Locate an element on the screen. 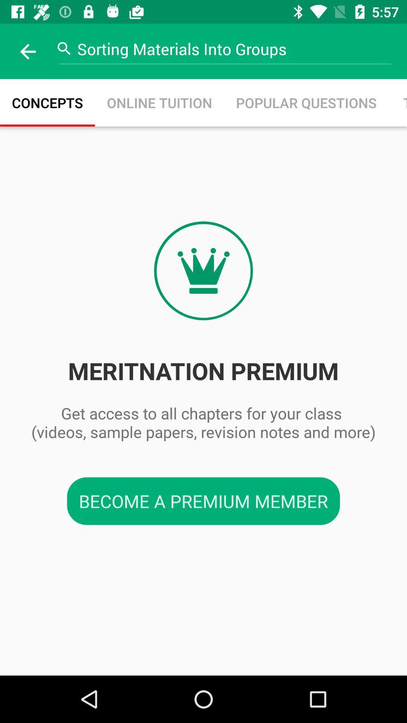 The image size is (407, 723). item to the left of sorting materials into item is located at coordinates (27, 51).